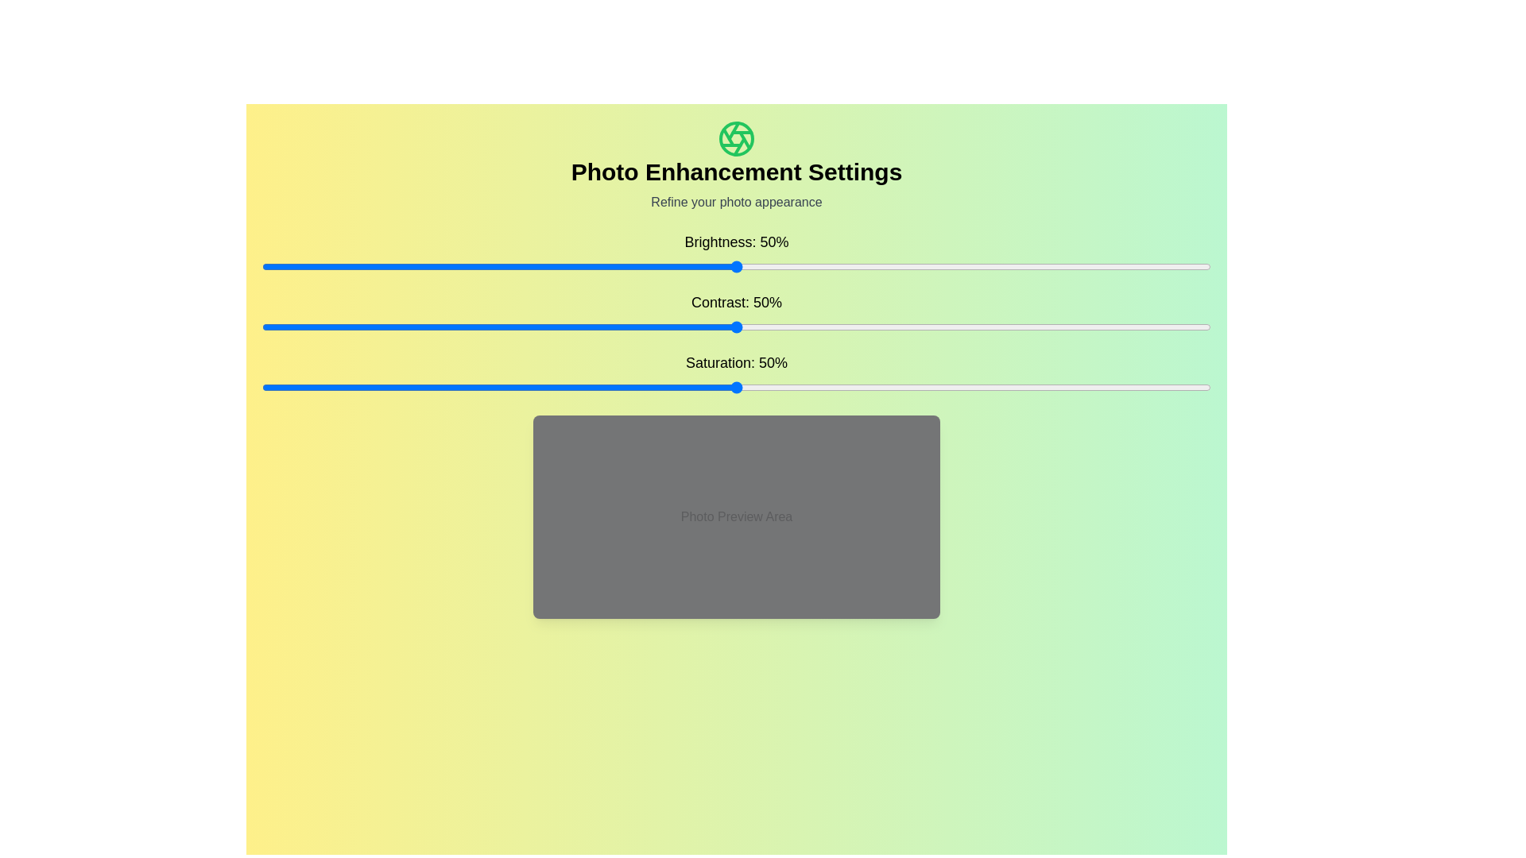 Image resolution: width=1526 pixels, height=858 pixels. I want to click on the saturation slider to 85%, so click(1068, 388).